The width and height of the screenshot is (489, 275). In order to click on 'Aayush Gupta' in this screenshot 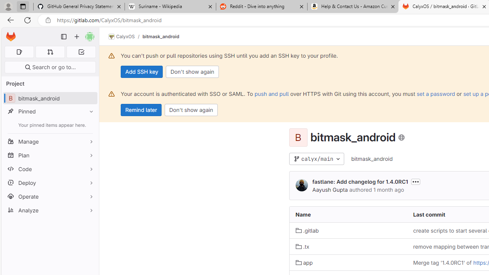, I will do `click(301, 185)`.